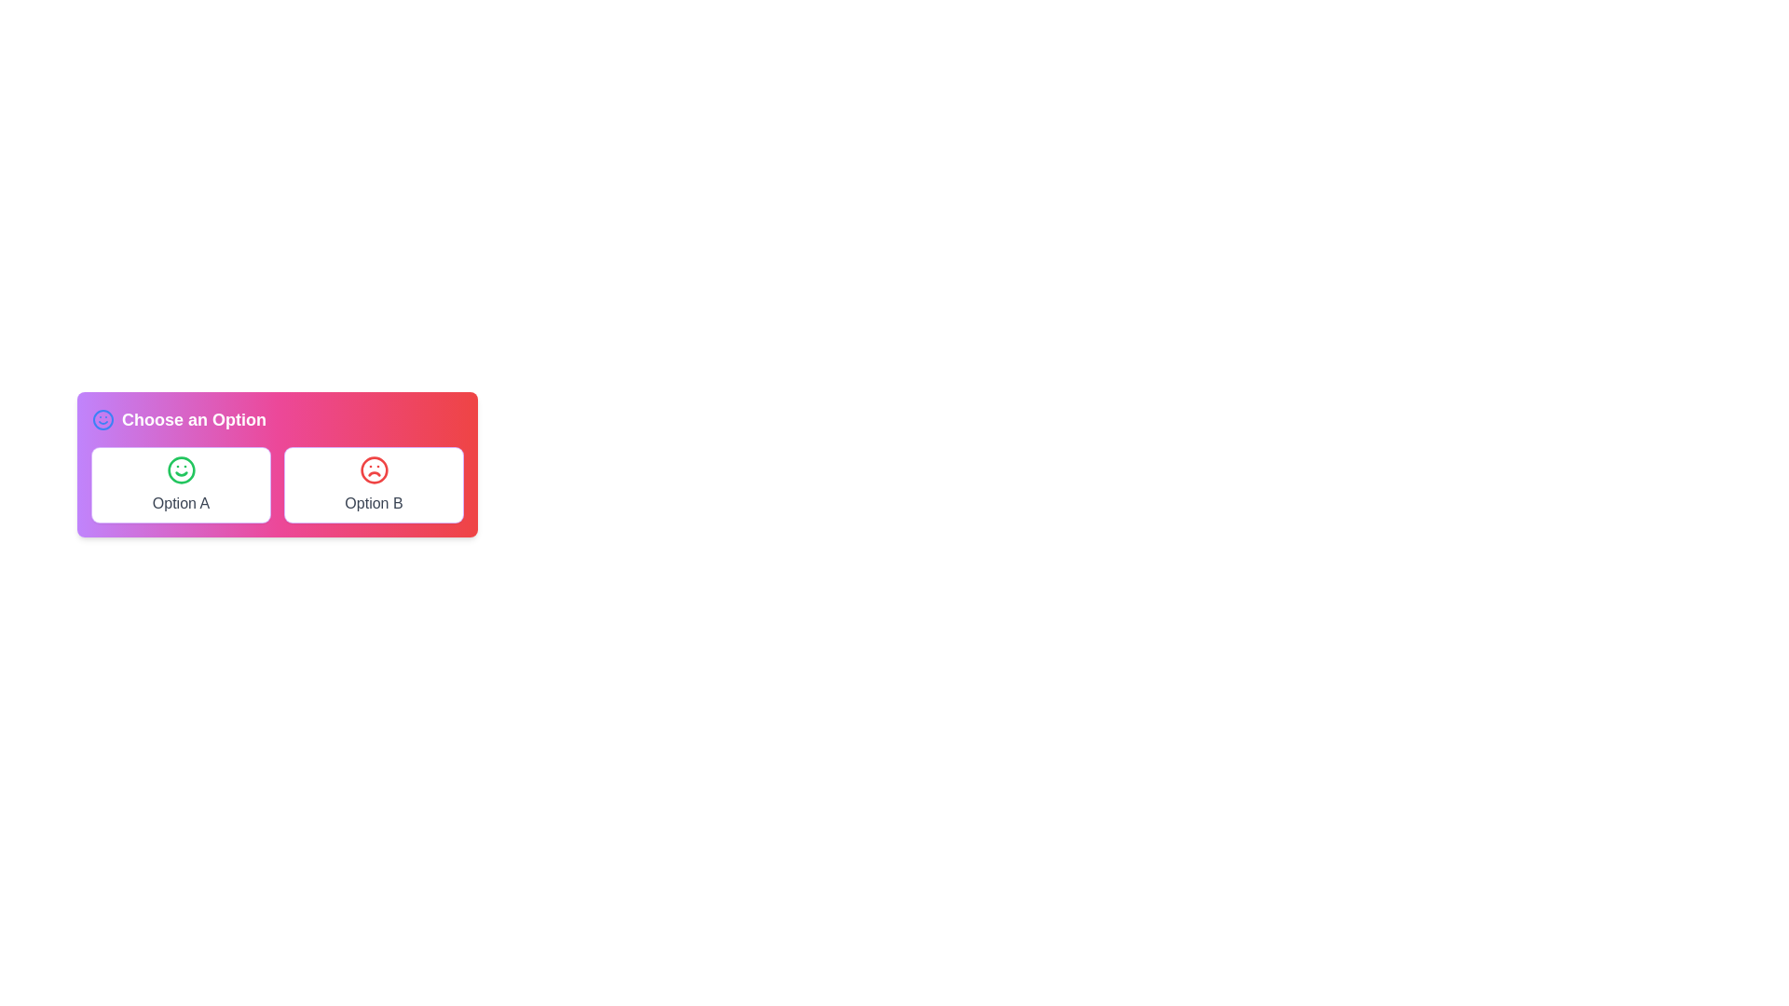  What do you see at coordinates (181, 483) in the screenshot?
I see `the first button labeled 'Option A' with a smiley face icon in a two-column grid layout below the title 'Choose an Option'` at bounding box center [181, 483].